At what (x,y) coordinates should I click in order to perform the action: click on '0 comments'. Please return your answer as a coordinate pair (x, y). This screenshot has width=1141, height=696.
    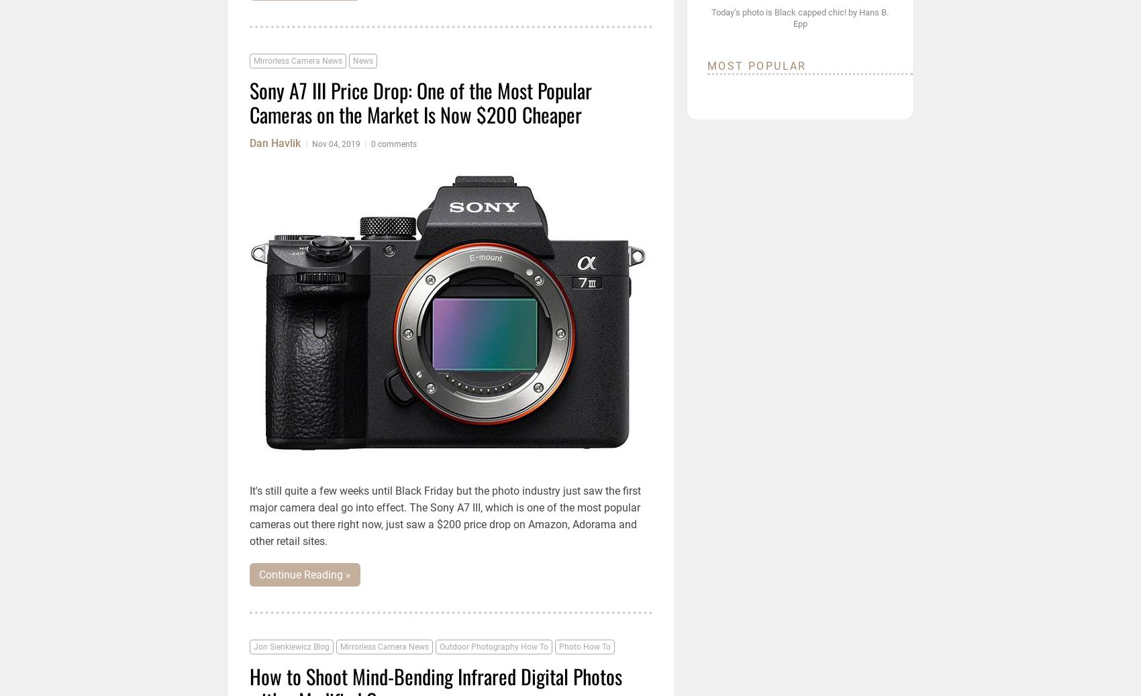
    Looking at the image, I should click on (370, 143).